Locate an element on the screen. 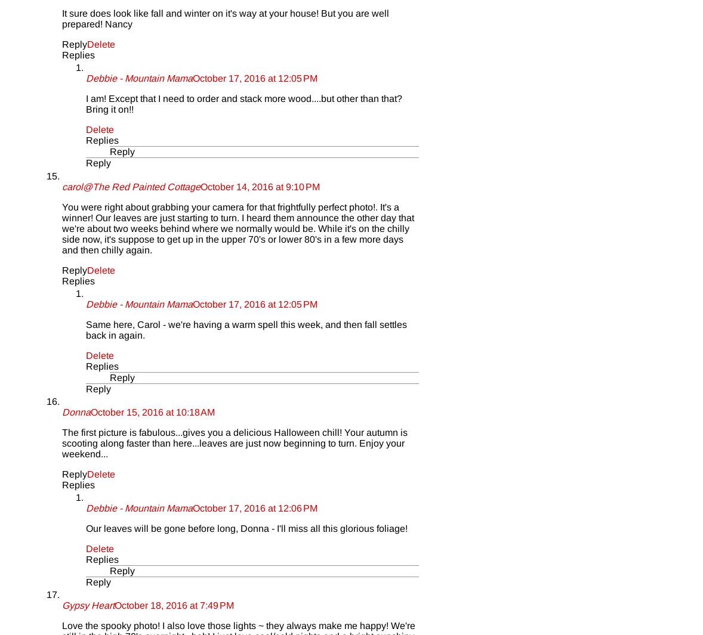 This screenshot has height=635, width=703. 'Gypsy Heart' is located at coordinates (87, 605).